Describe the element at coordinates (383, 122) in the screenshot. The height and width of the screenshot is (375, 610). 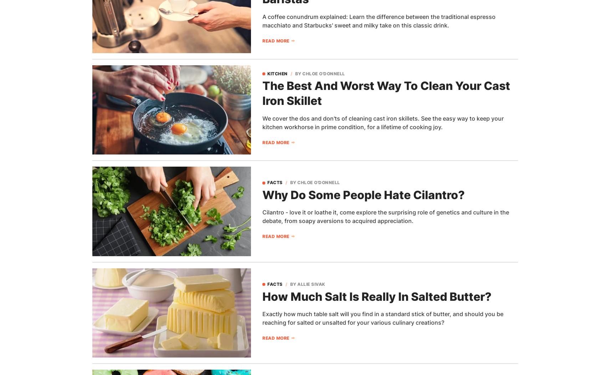
I see `'We cover the dos and don'ts of cleaning cast iron skillets. See the easy way to keep your kitchen workhorse in prime condition, for a lifetime of cooking joy.'` at that location.